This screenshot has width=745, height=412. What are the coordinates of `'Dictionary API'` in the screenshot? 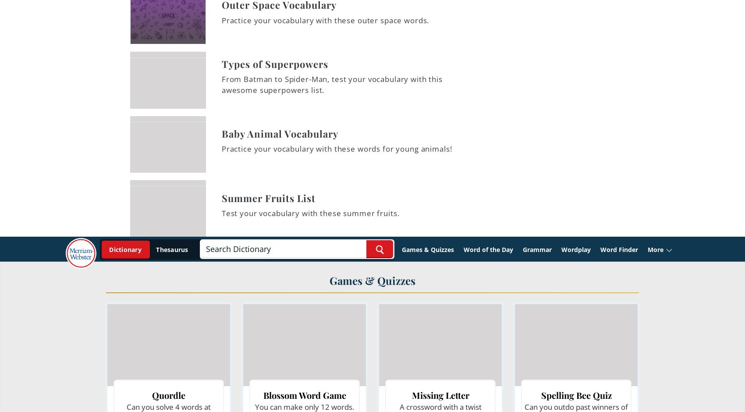 It's located at (369, 38).